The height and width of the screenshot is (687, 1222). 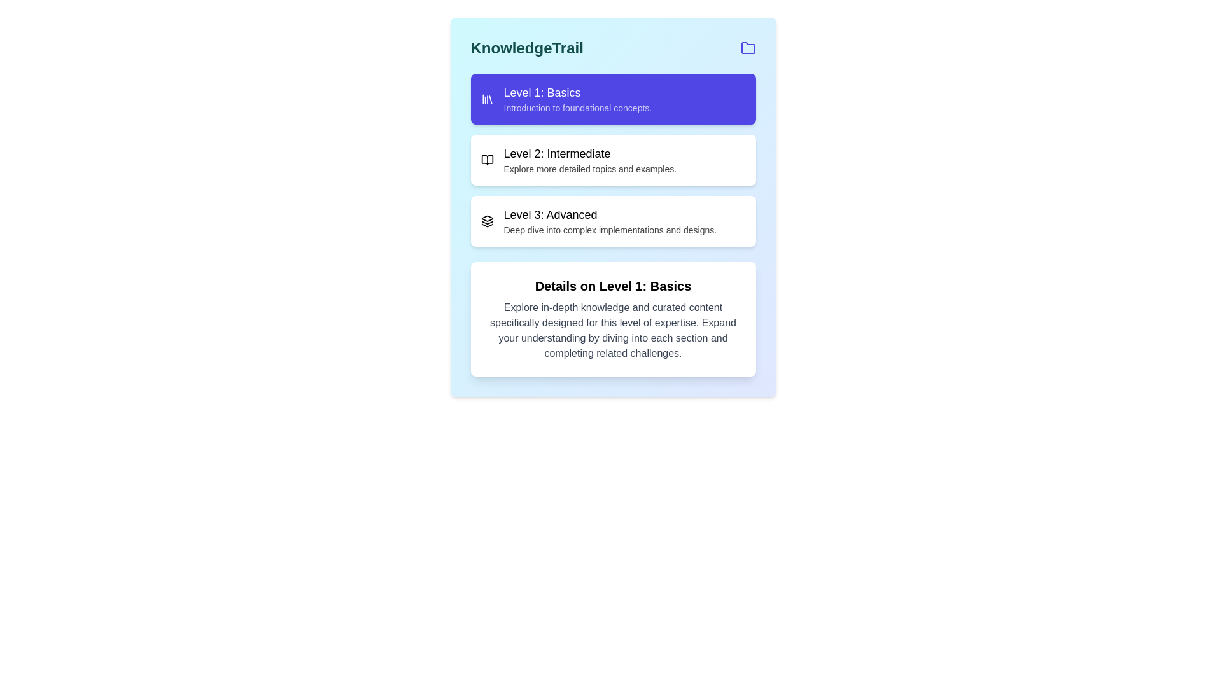 What do you see at coordinates (613, 330) in the screenshot?
I see `the descriptive text block styled in gray color, which provides explanations about exploring in-depth knowledge and completing challenges, positioned below the heading 'Details on Level 1: Basics'` at bounding box center [613, 330].